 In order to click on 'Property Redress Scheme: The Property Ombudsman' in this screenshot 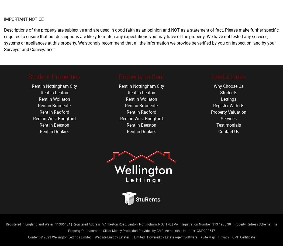, I will do `click(172, 227)`.